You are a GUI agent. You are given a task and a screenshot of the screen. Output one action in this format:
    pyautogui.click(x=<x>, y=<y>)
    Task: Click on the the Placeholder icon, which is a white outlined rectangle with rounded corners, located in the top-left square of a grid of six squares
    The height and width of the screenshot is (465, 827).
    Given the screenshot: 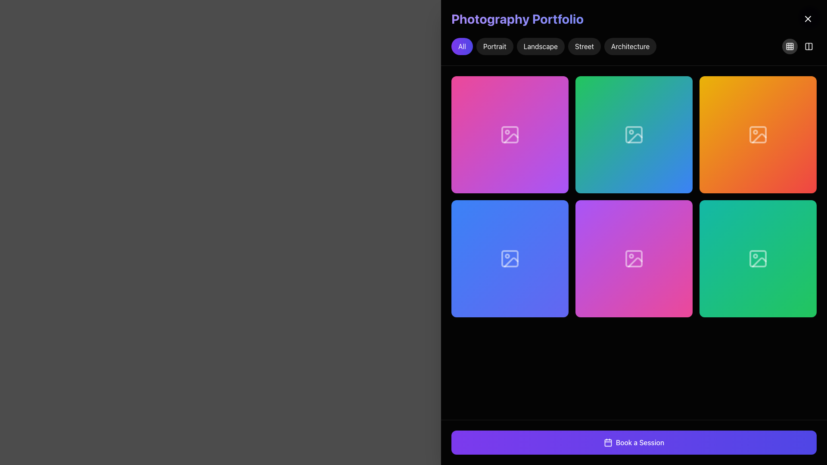 What is the action you would take?
    pyautogui.click(x=510, y=134)
    